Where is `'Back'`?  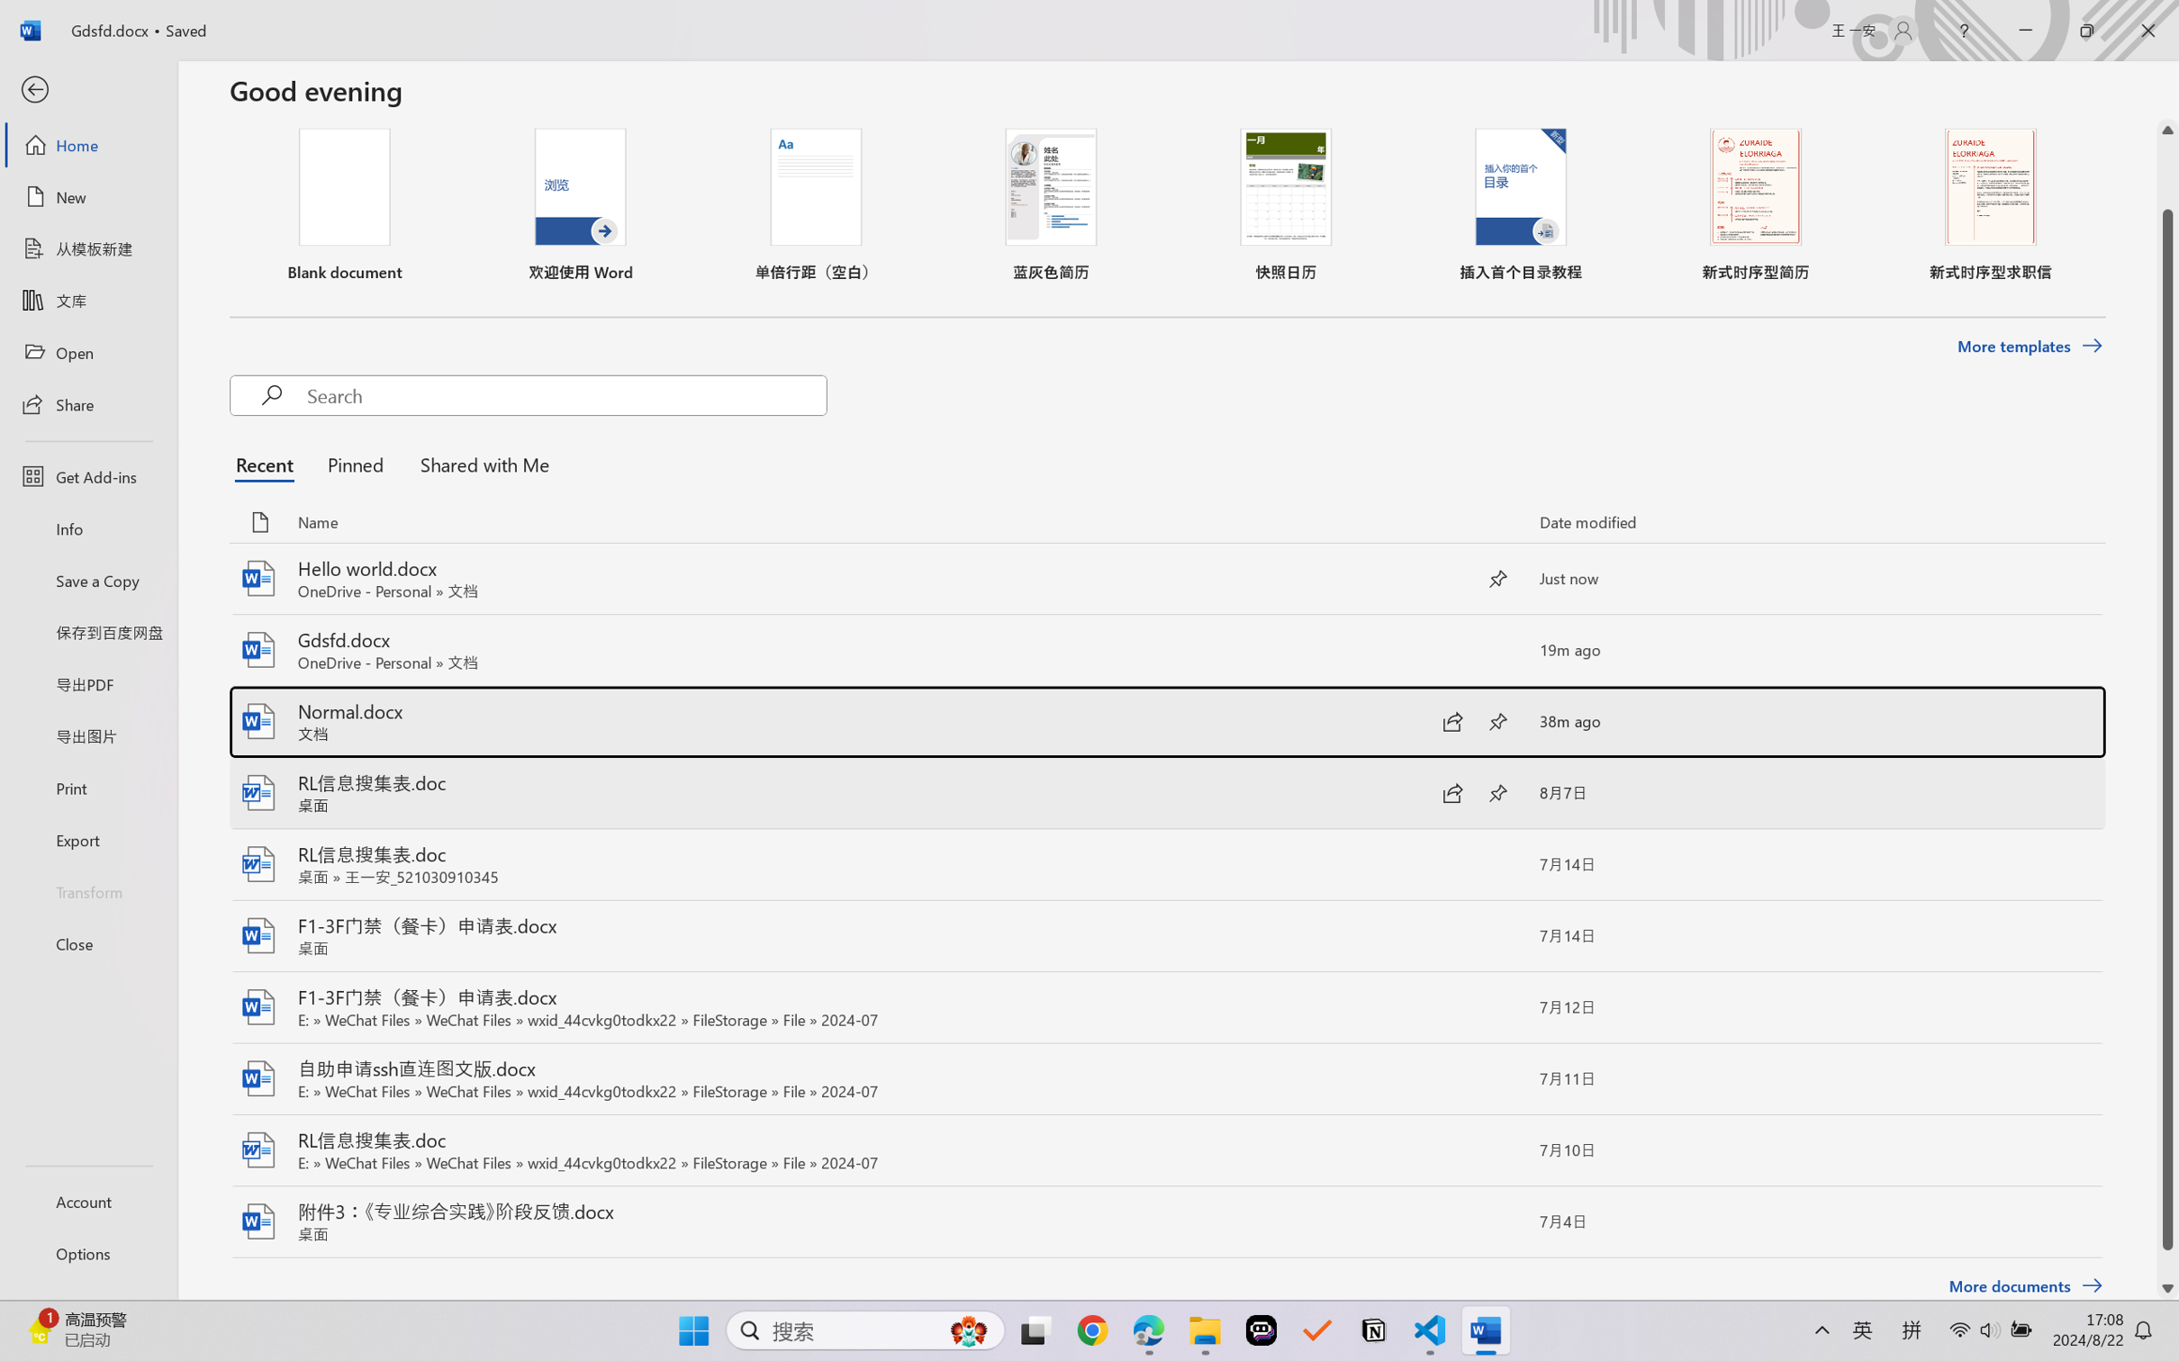 'Back' is located at coordinates (87, 90).